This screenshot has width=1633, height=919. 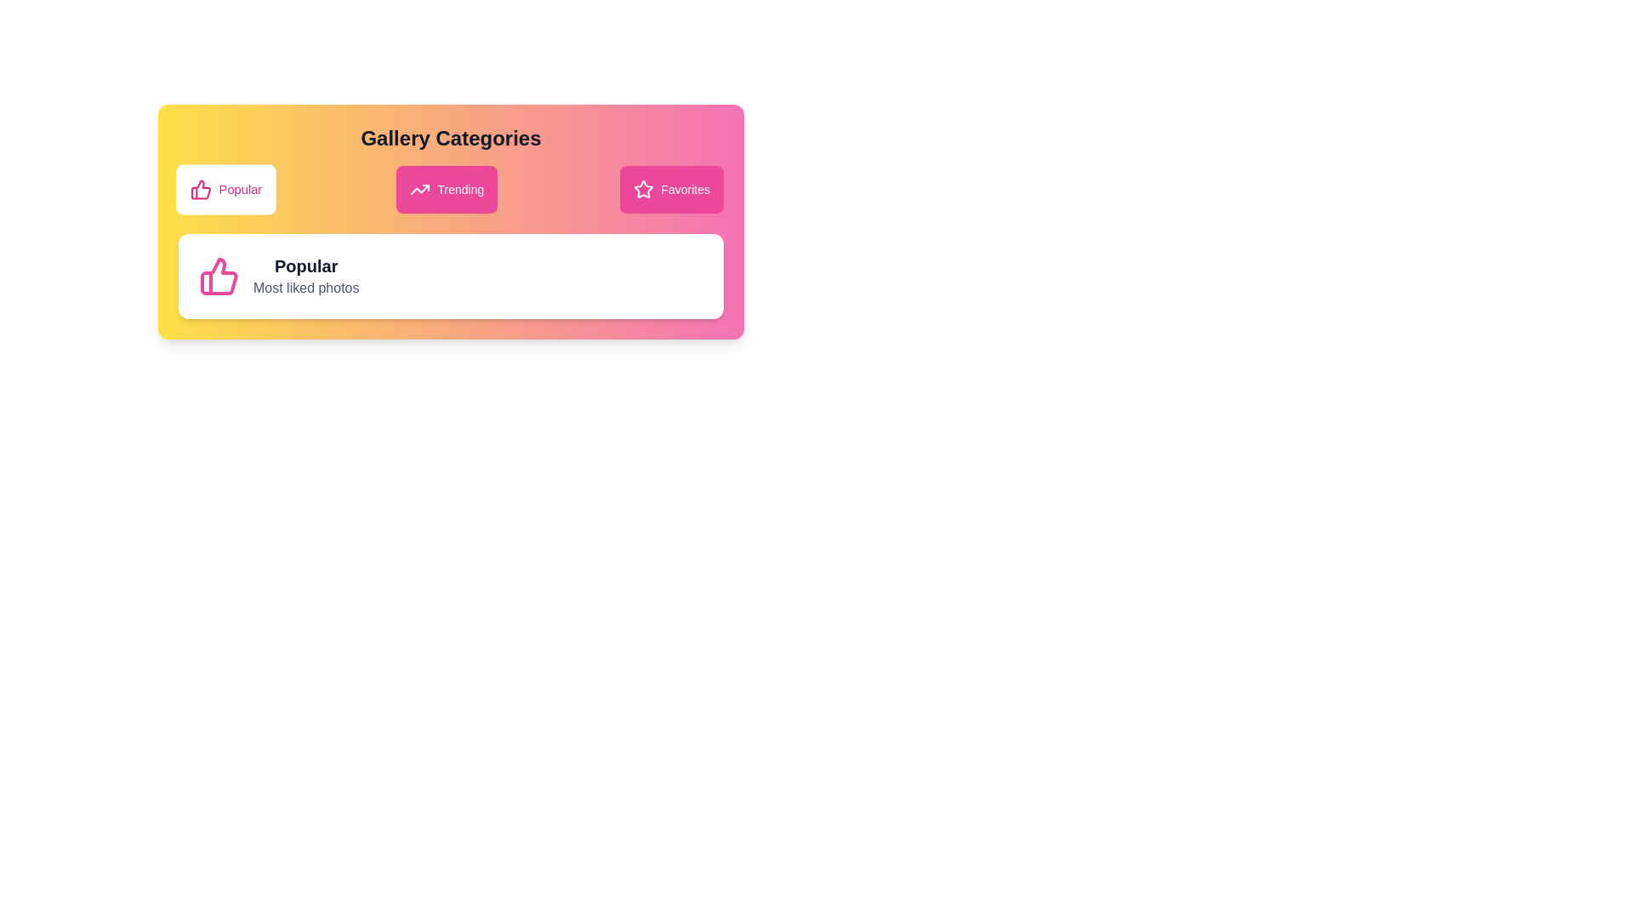 What do you see at coordinates (451, 137) in the screenshot?
I see `the bold, large-sized static text reading 'Gallery Categories' which is centrally located at the top of a vibrant card with a gradient background from yellow to pink` at bounding box center [451, 137].